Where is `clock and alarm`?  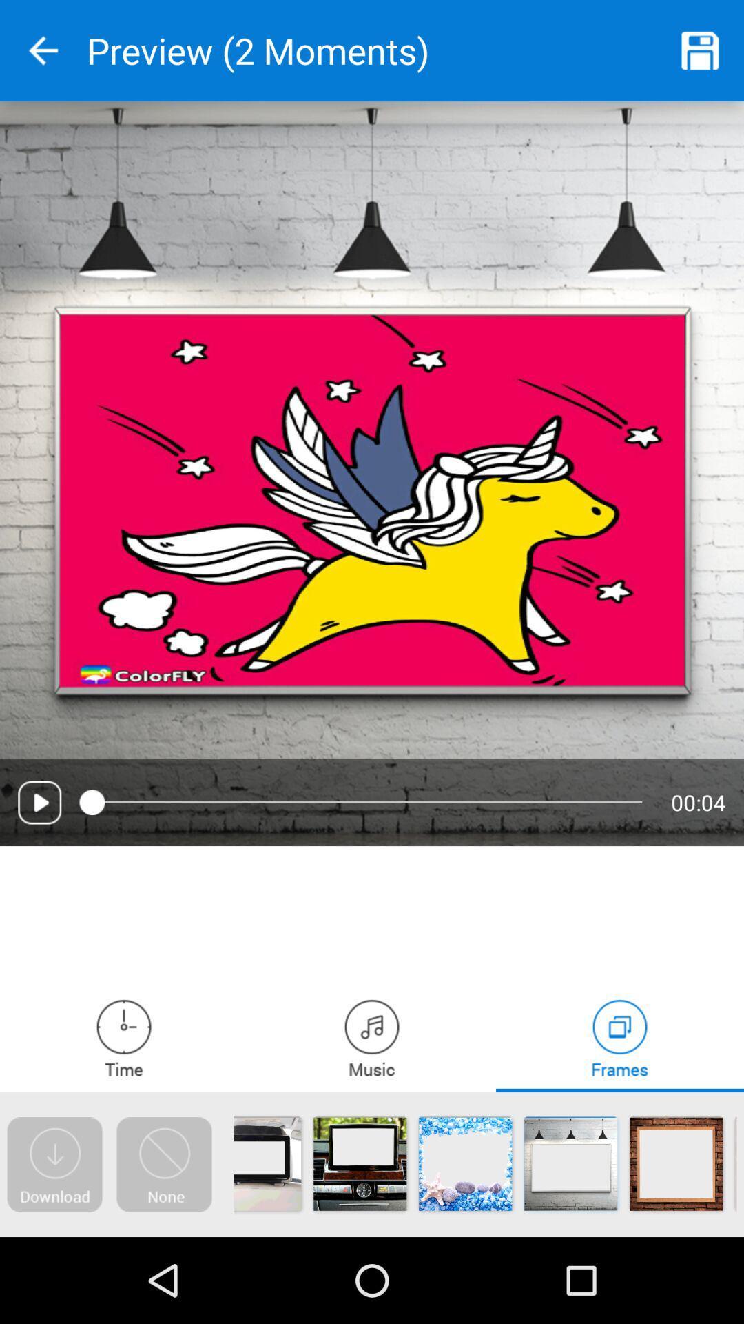
clock and alarm is located at coordinates (124, 1038).